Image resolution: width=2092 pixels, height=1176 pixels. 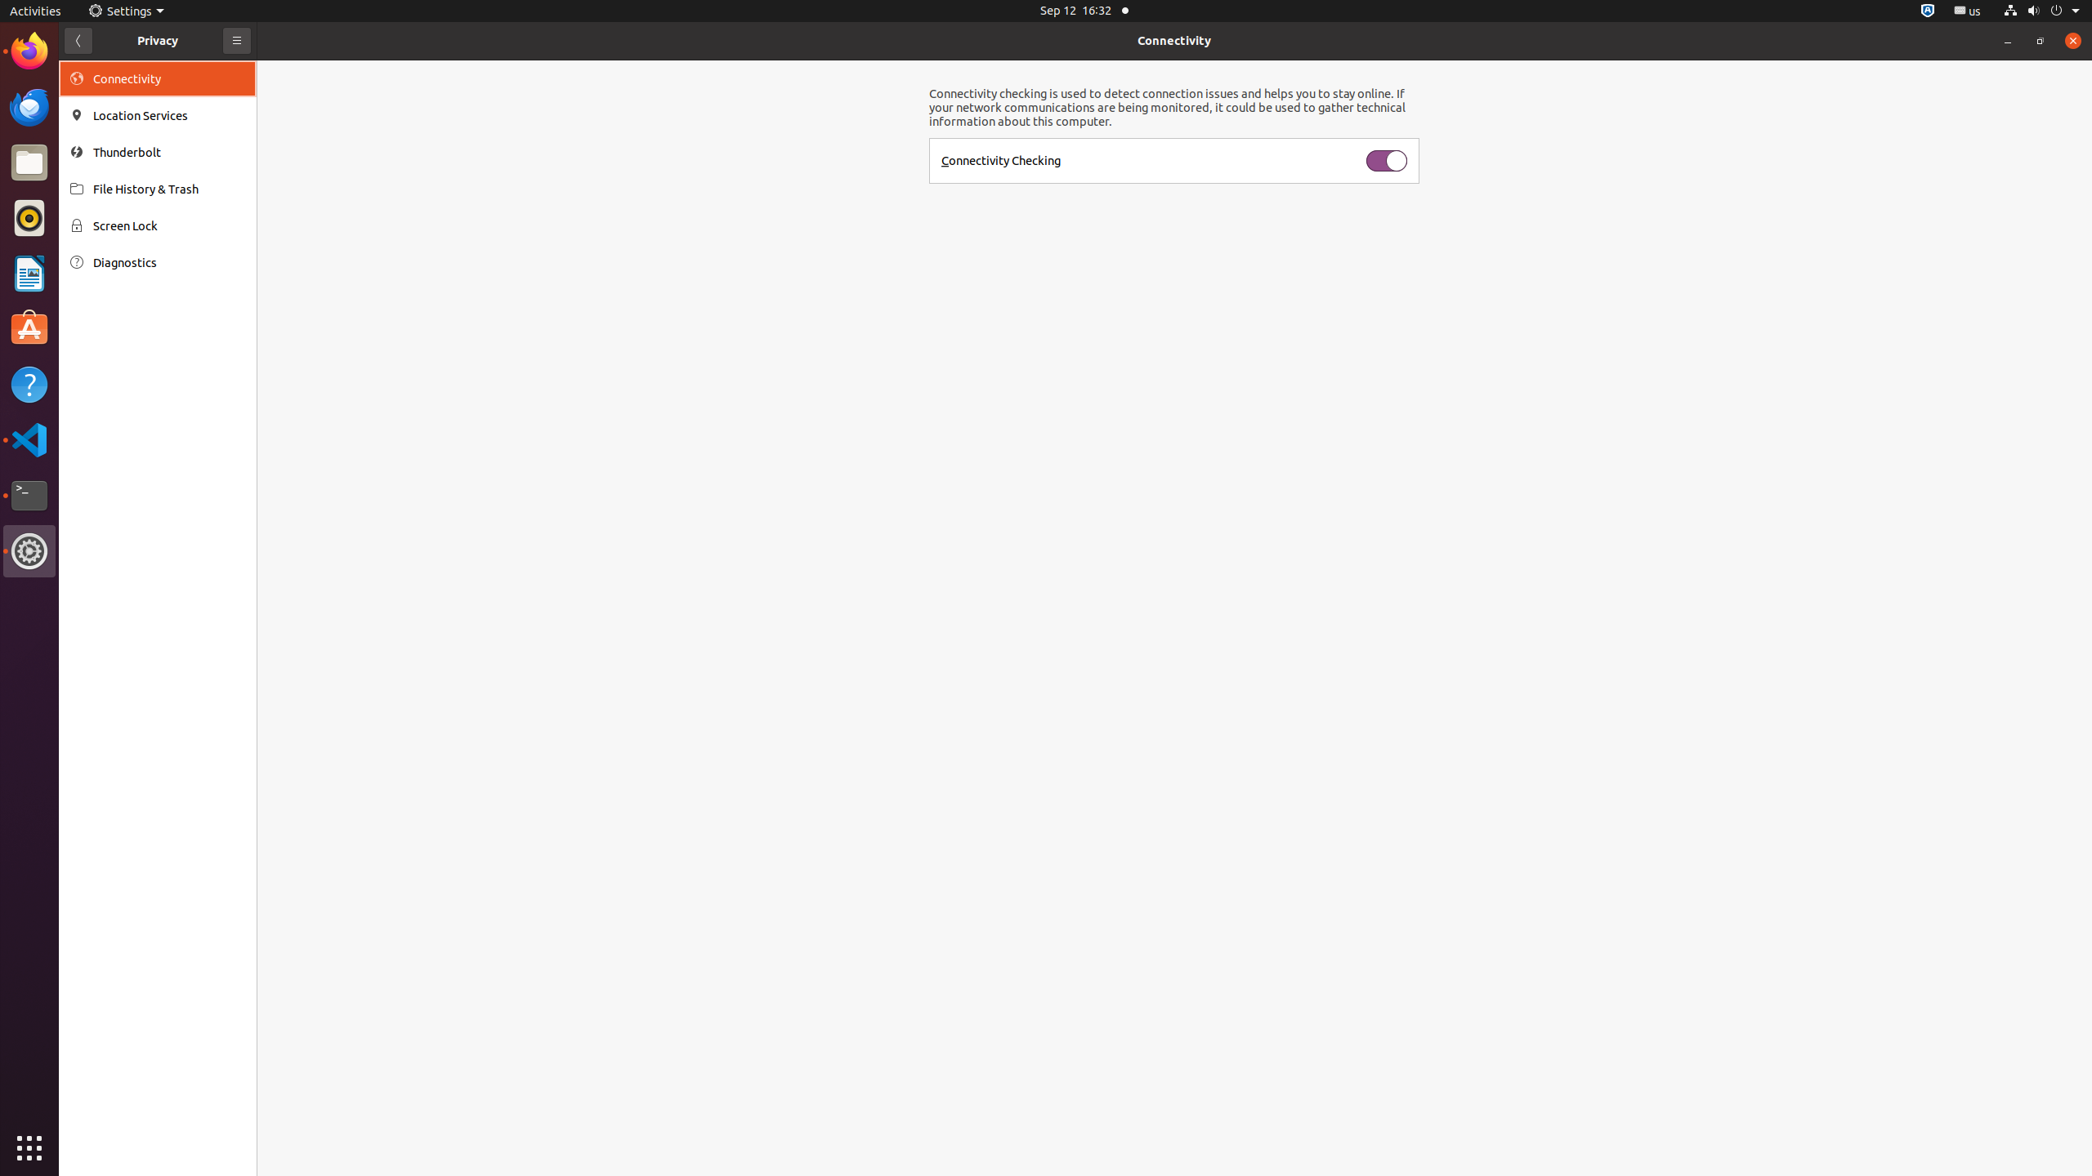 What do you see at coordinates (169, 115) in the screenshot?
I see `'Location Services'` at bounding box center [169, 115].